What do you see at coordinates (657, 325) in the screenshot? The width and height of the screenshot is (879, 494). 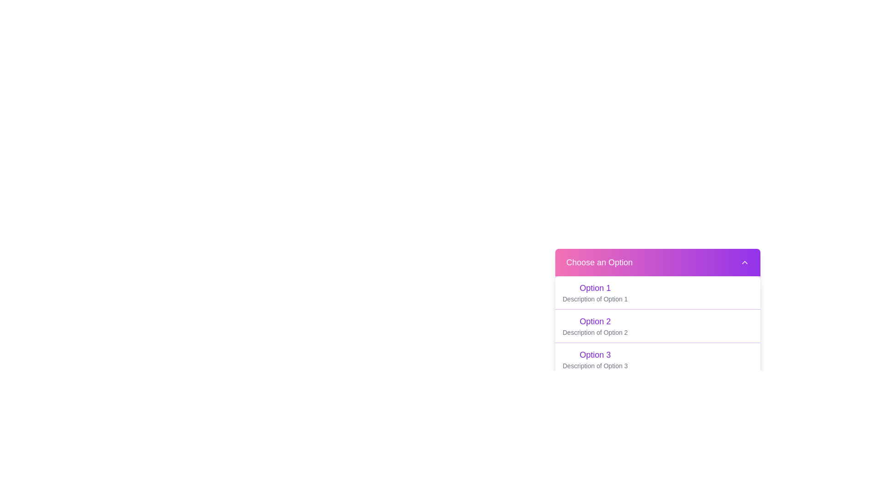 I see `the list item displaying 'Option 2' with a bold purple font` at bounding box center [657, 325].